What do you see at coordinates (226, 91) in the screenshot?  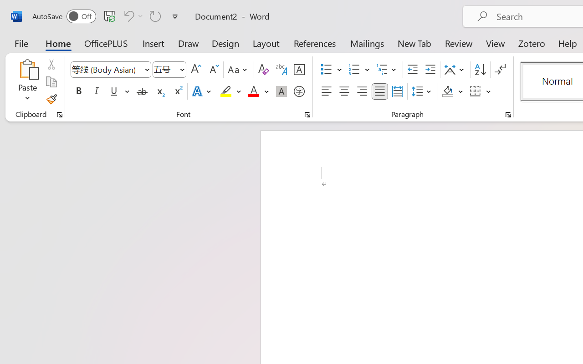 I see `'Text Highlight Color Yellow'` at bounding box center [226, 91].